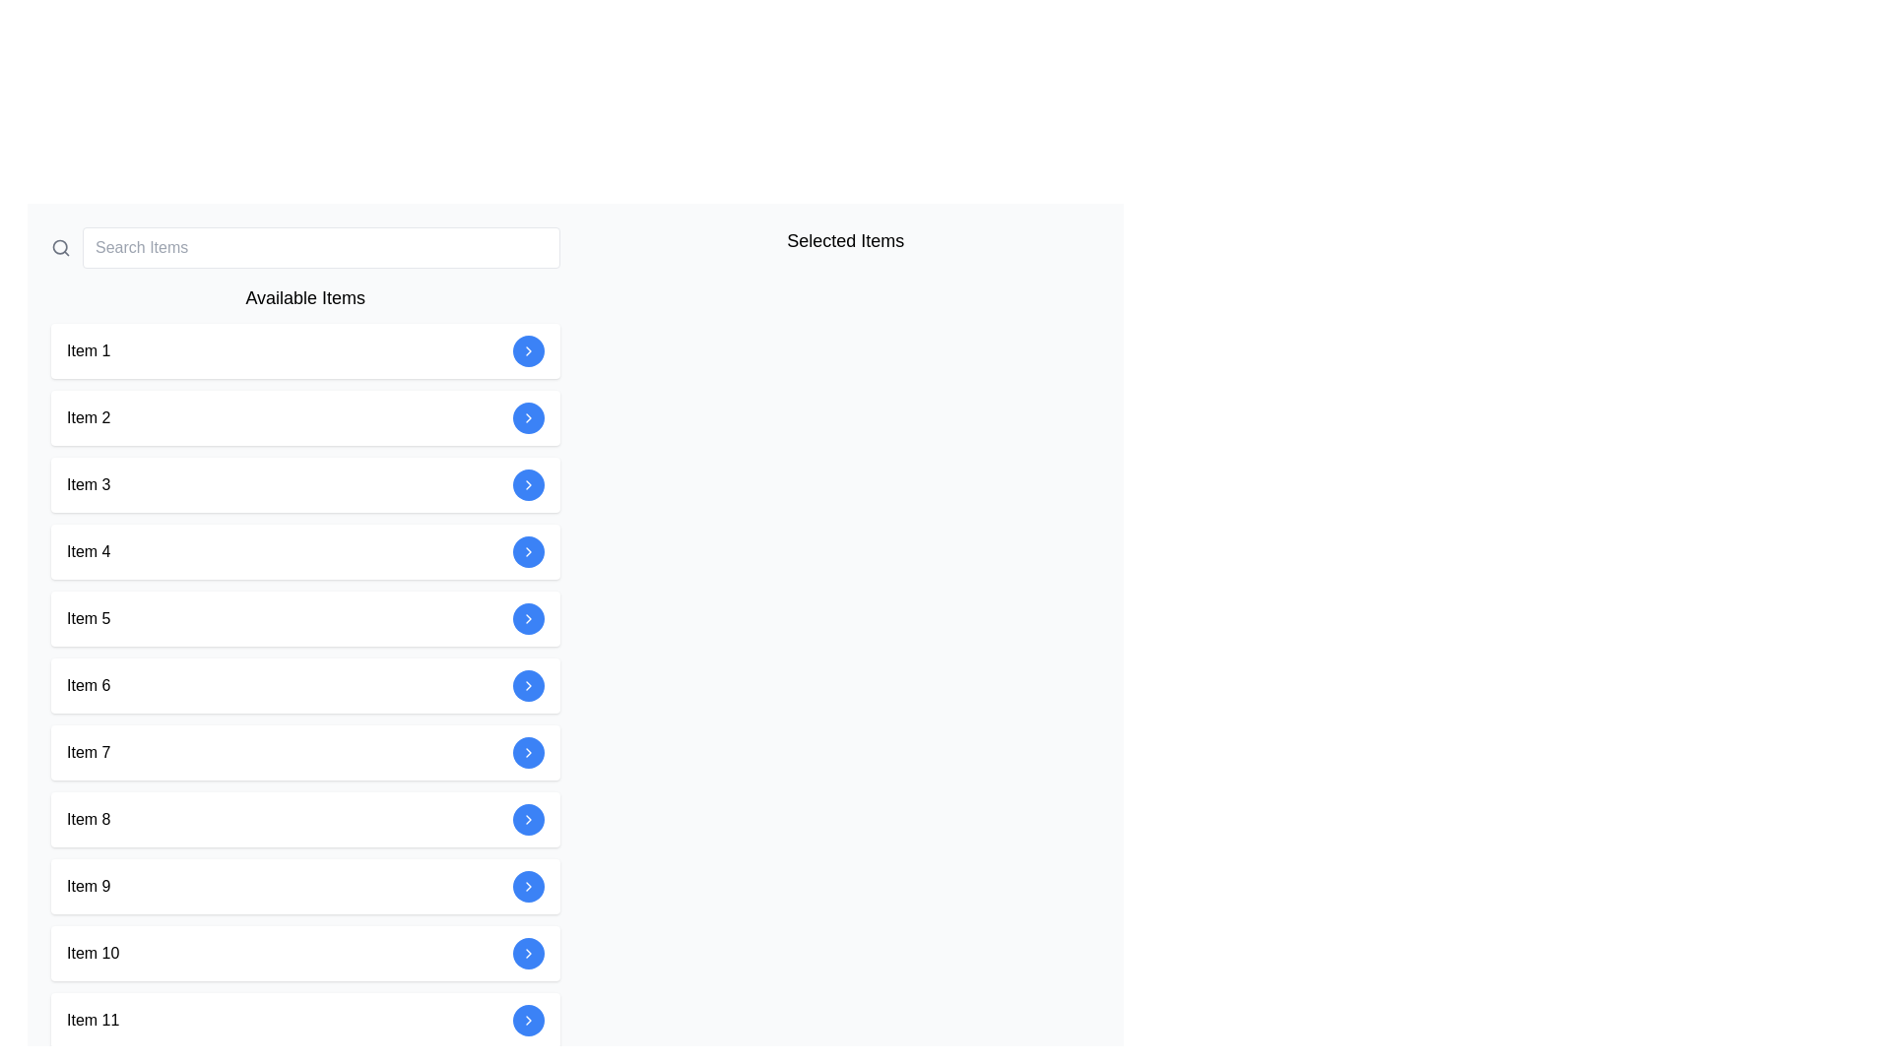 This screenshot has height=1063, width=1891. I want to click on the selectable list item representing 'Item 11', so click(304, 1020).